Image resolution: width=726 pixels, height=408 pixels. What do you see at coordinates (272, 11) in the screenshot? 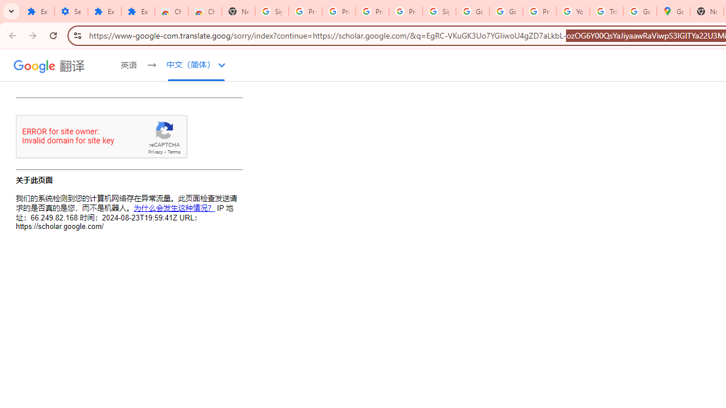
I see `'Sign in - Google Accounts'` at bounding box center [272, 11].